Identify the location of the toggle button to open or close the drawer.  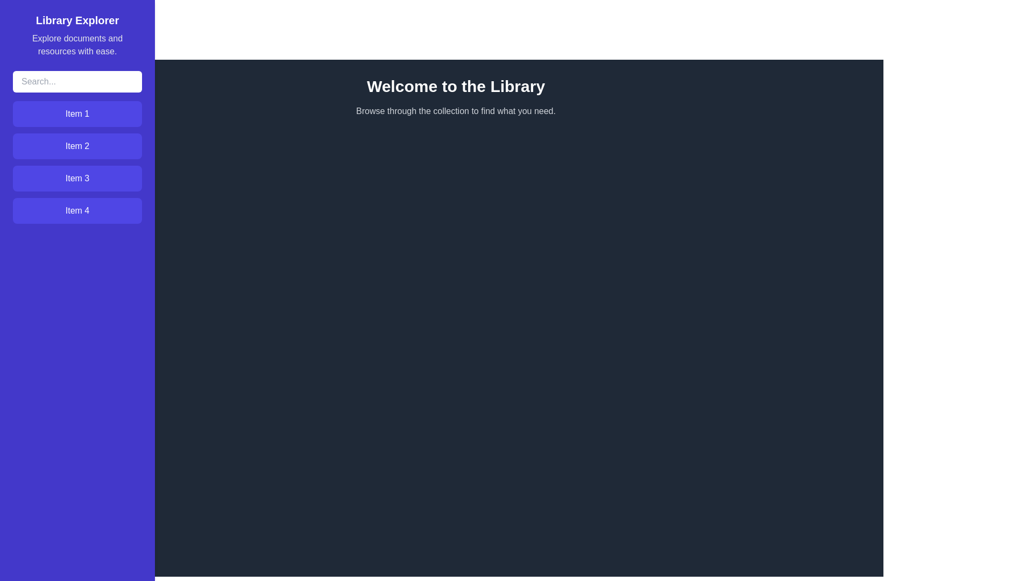
(21, 21).